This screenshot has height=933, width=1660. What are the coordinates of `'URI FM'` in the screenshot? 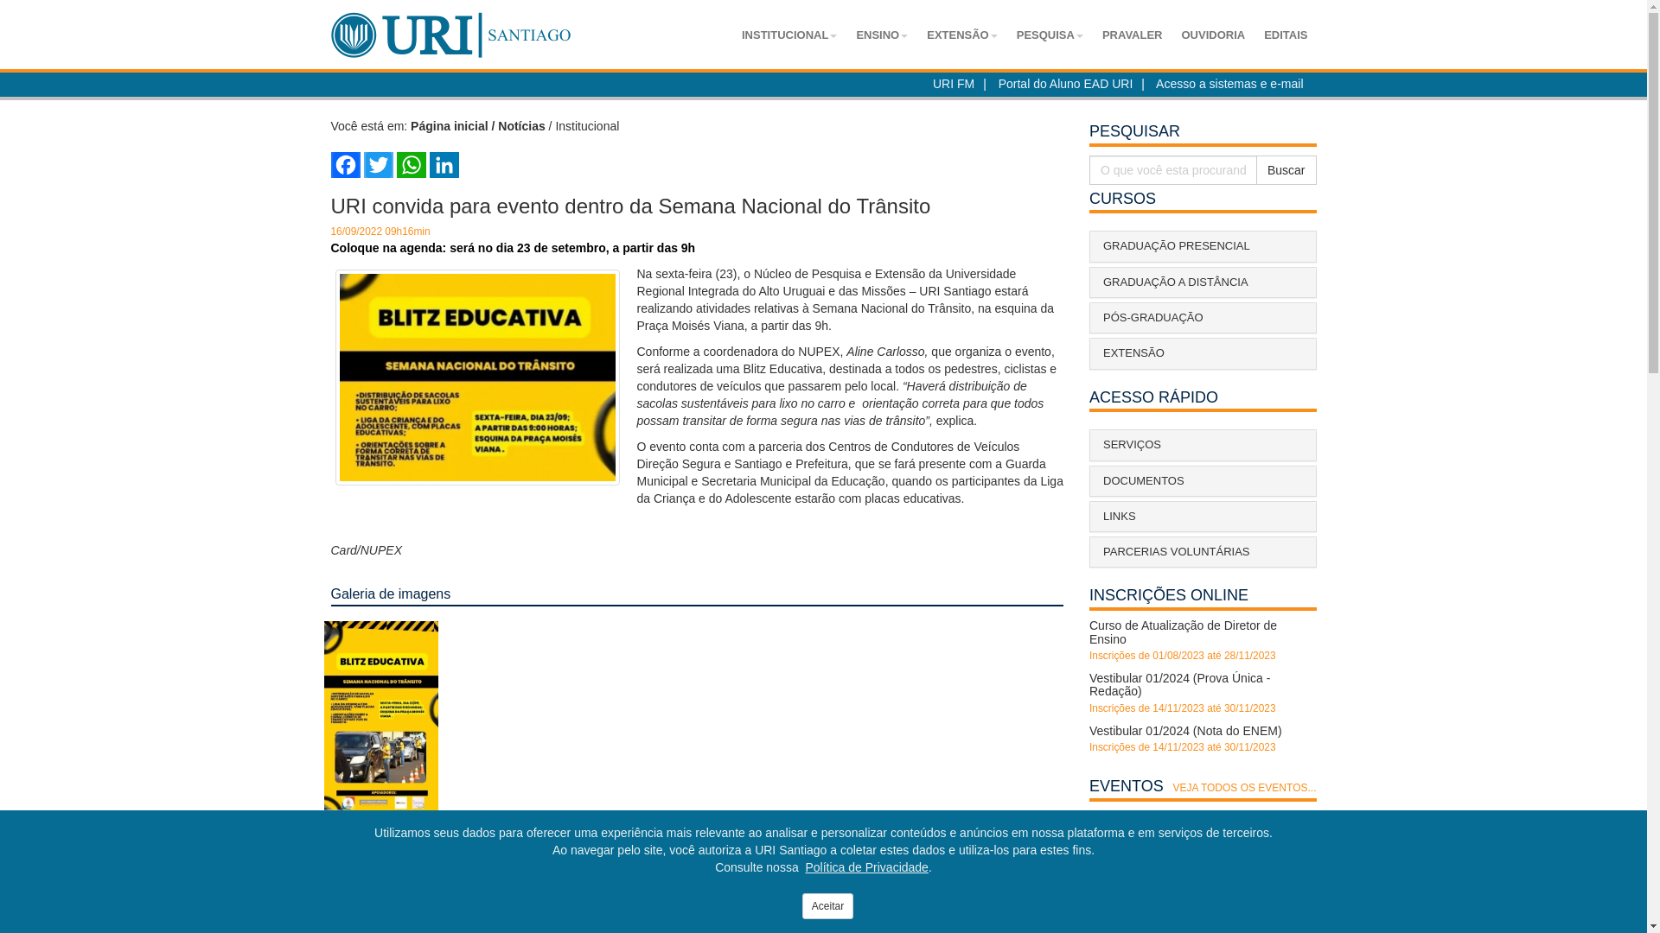 It's located at (953, 83).